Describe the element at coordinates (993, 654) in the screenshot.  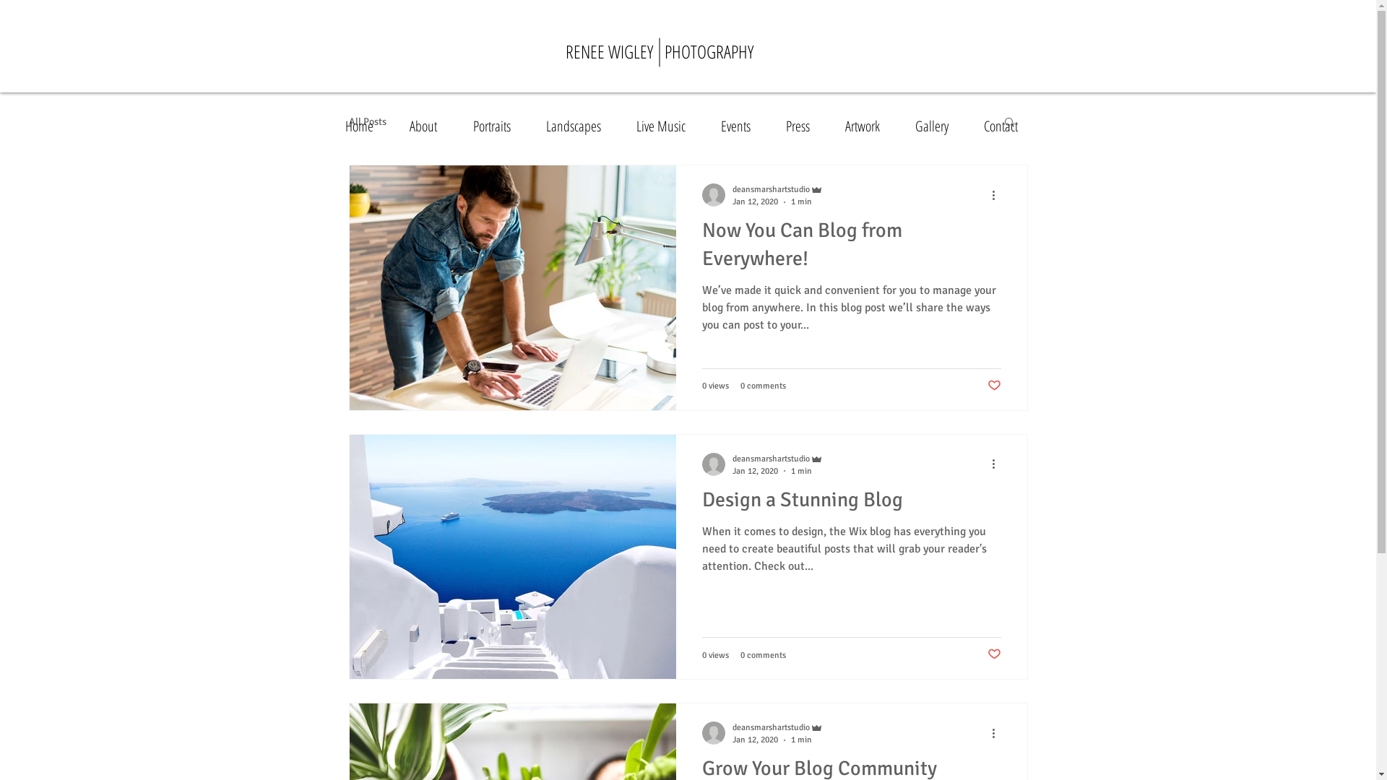
I see `'Post not marked as liked'` at that location.